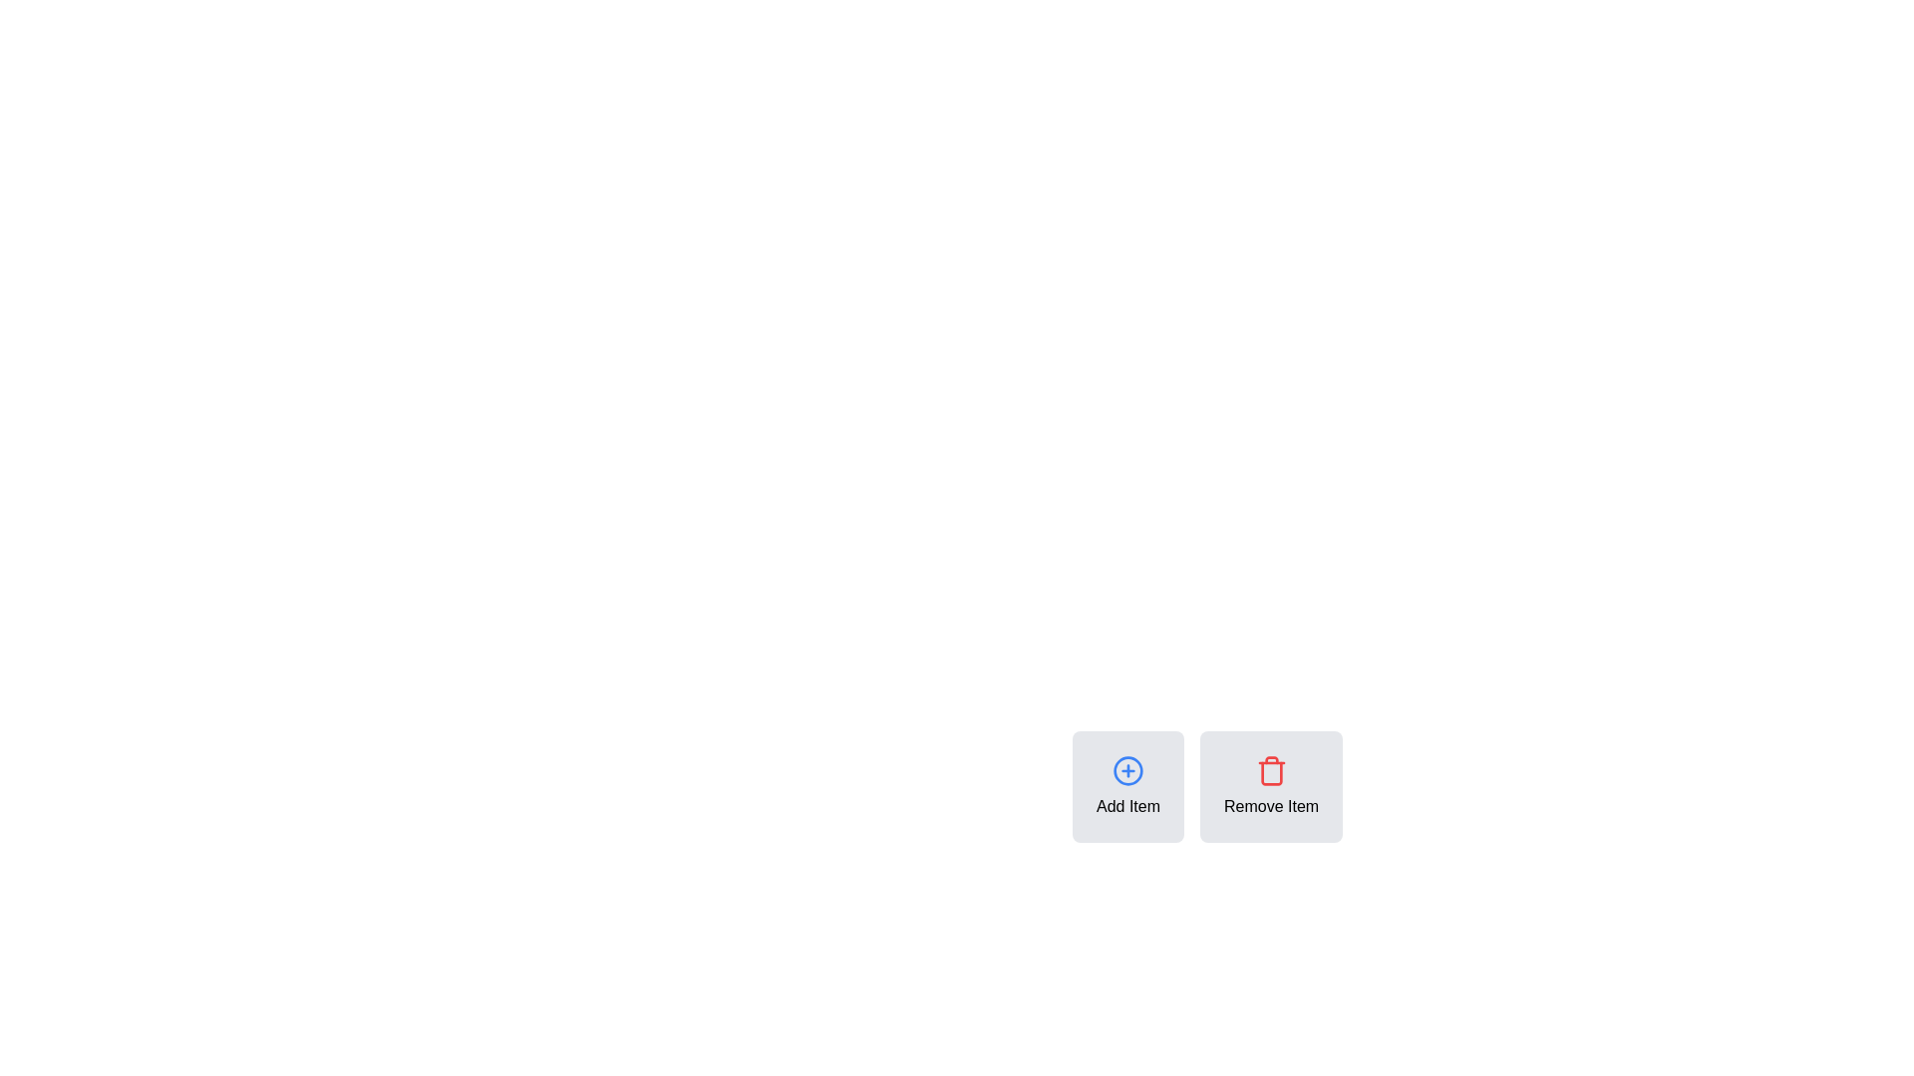 The width and height of the screenshot is (1914, 1076). What do you see at coordinates (1128, 807) in the screenshot?
I see `the 'Add Item' text label, which is displayed in a standard font within a light gray card-like section, centered below a blue circular icon with a plus sign` at bounding box center [1128, 807].